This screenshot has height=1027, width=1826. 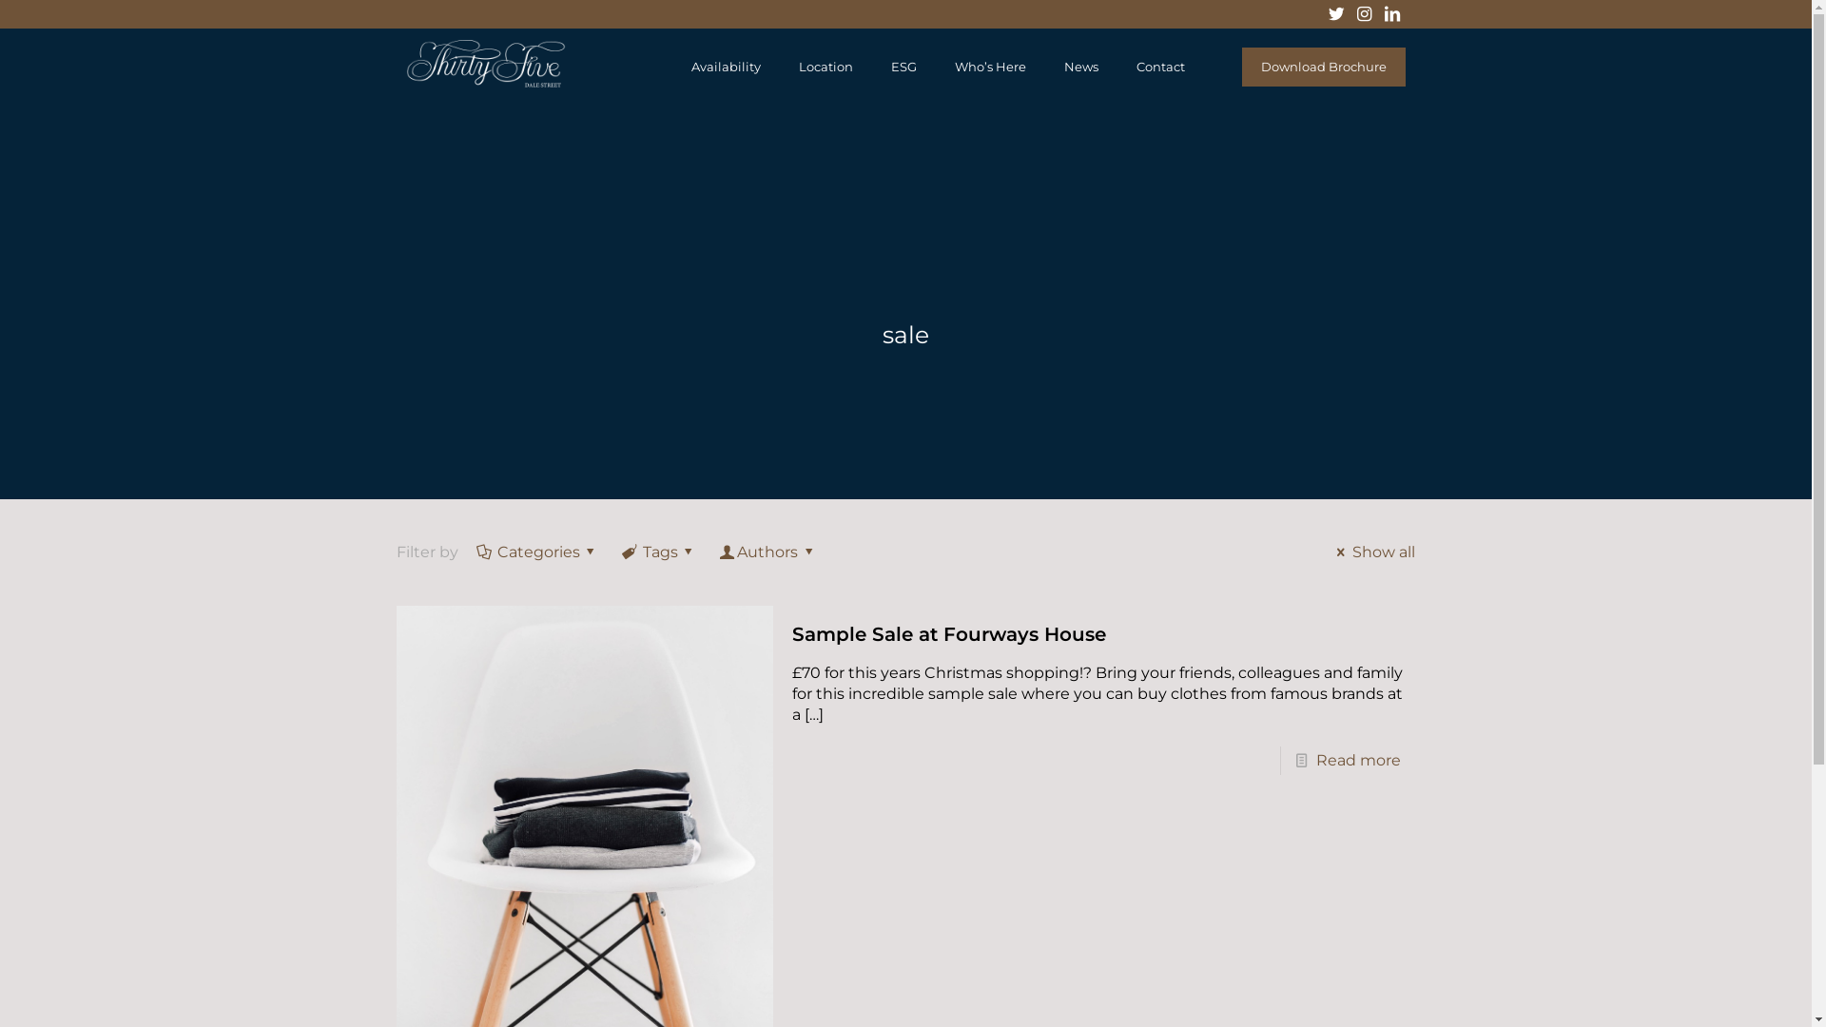 I want to click on 'Sample Sale at Fourways House', so click(x=949, y=634).